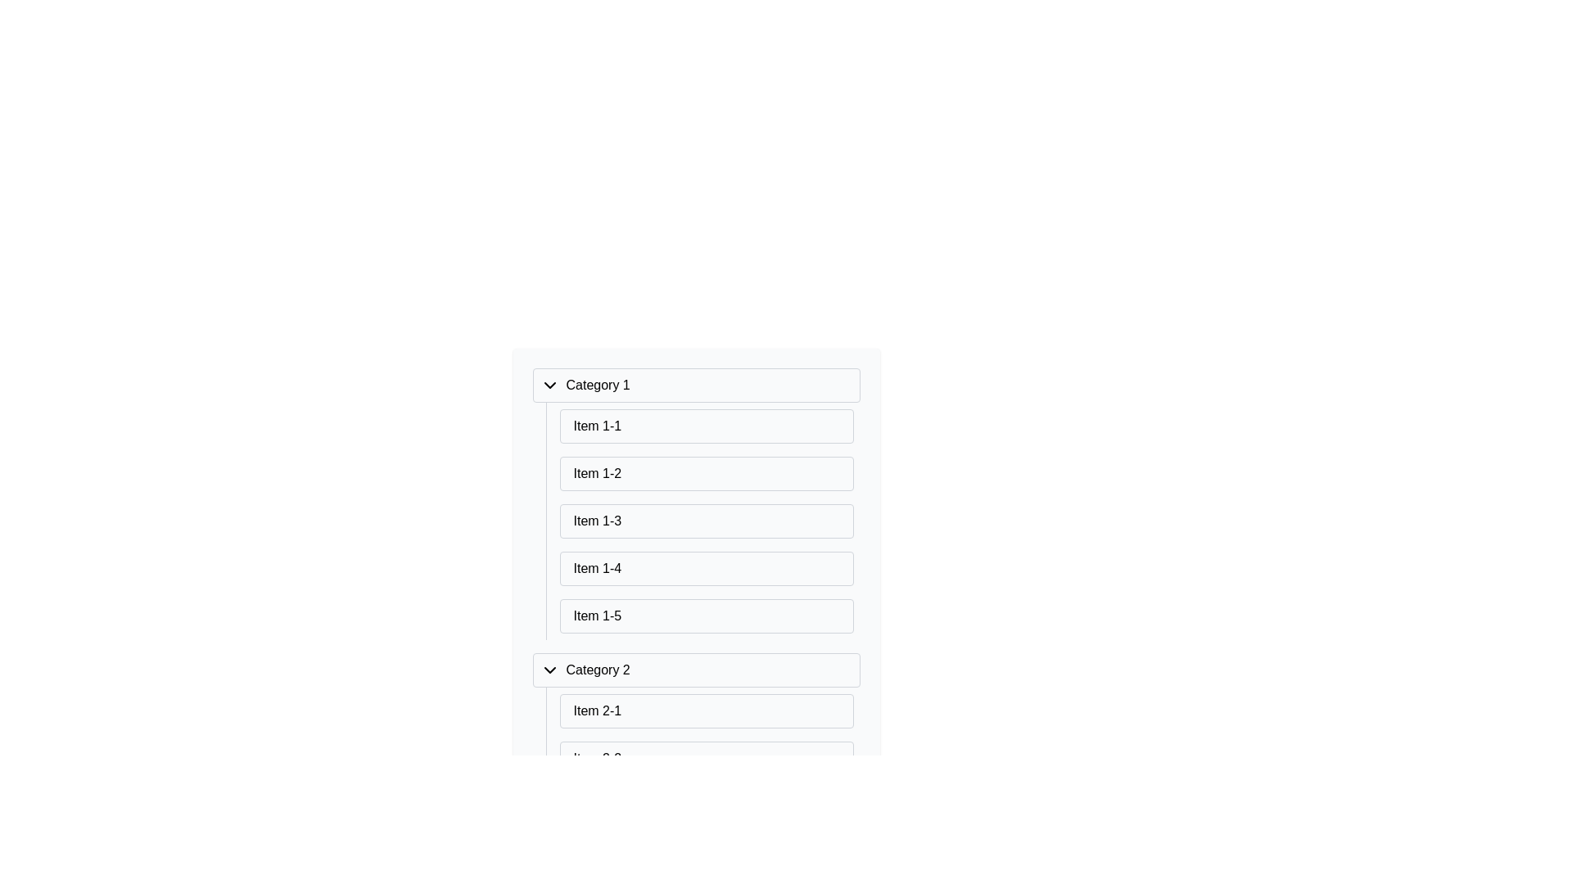 The height and width of the screenshot is (884, 1572). Describe the element at coordinates (707, 521) in the screenshot. I see `the third item in the 'Category 1' vertical menu list` at that location.